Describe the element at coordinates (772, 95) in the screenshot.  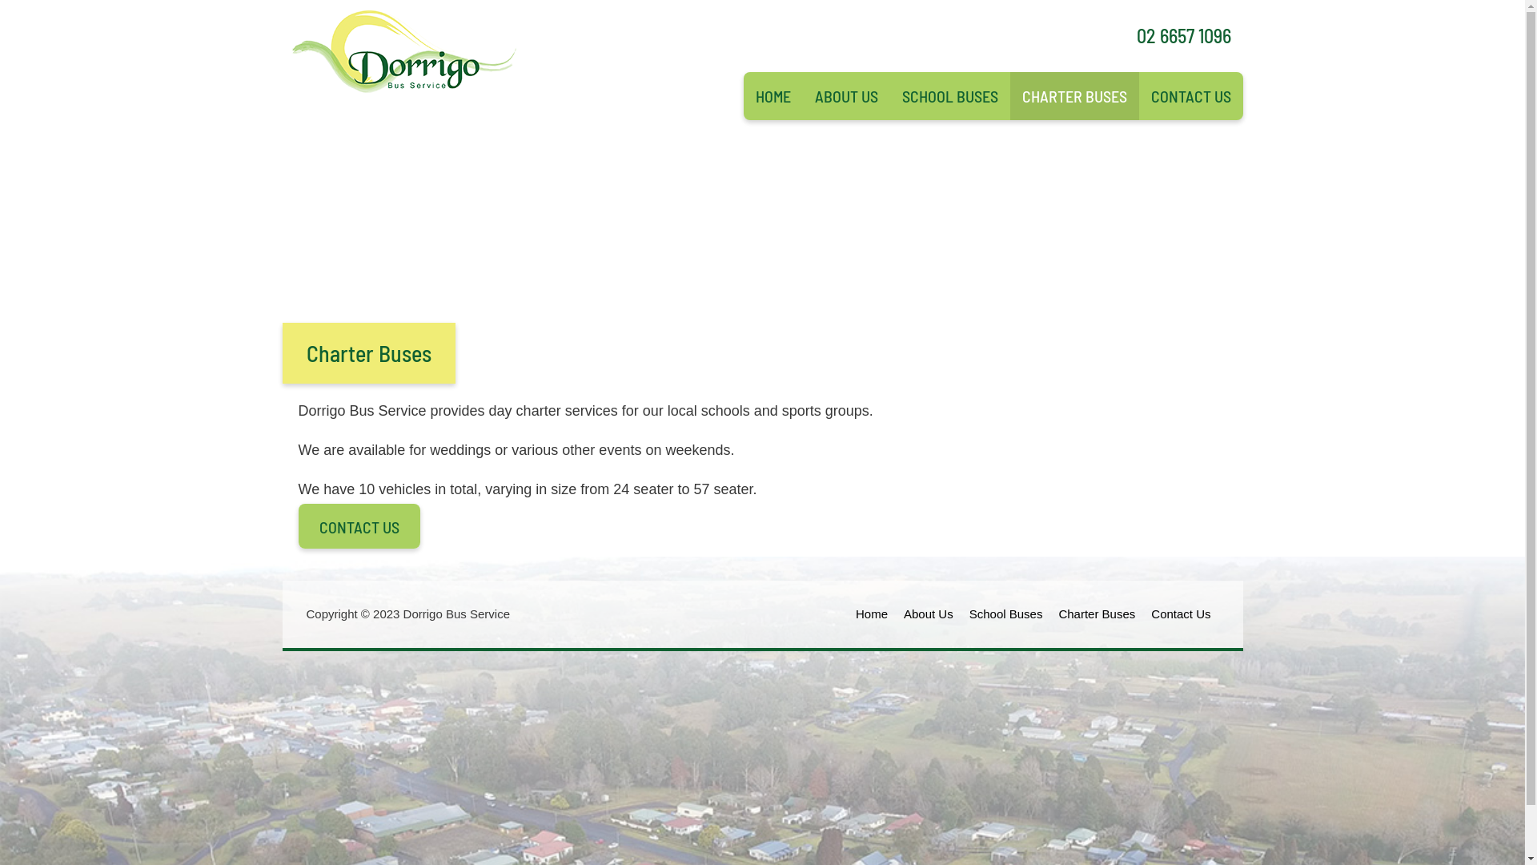
I see `'HOME'` at that location.